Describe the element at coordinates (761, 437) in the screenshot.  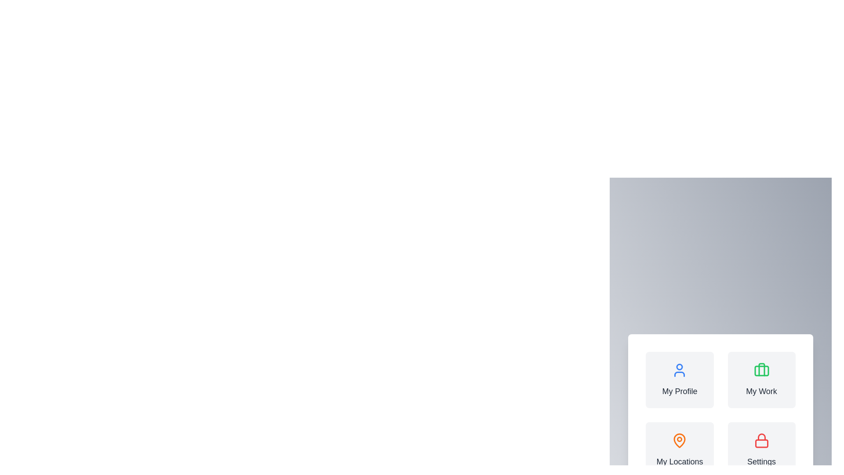
I see `the lock icon representing the 'Settings' option, located in the second row, second column of a 2x2 grid` at that location.